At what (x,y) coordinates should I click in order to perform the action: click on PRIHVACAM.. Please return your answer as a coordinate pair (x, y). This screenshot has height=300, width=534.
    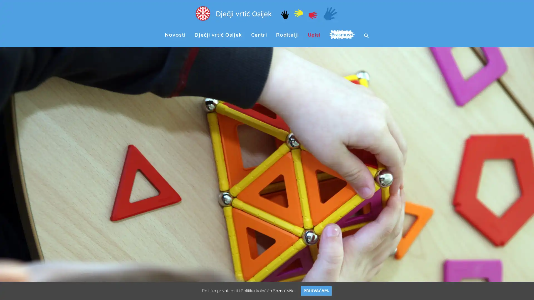
    Looking at the image, I should click on (316, 290).